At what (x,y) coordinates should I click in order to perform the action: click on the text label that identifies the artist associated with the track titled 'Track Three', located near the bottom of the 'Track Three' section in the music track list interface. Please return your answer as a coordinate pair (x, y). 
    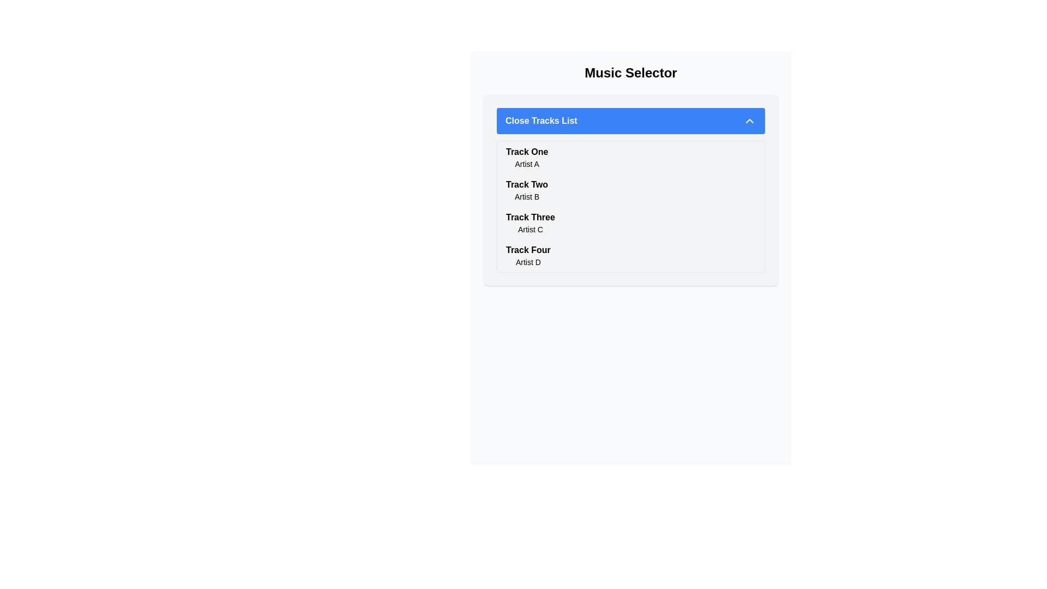
    Looking at the image, I should click on (530, 229).